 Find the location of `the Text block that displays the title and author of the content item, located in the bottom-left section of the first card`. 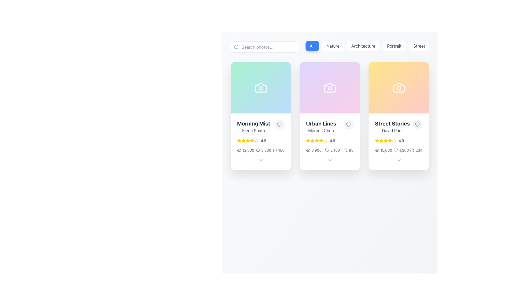

the Text block that displays the title and author of the content item, located in the bottom-left section of the first card is located at coordinates (253, 127).